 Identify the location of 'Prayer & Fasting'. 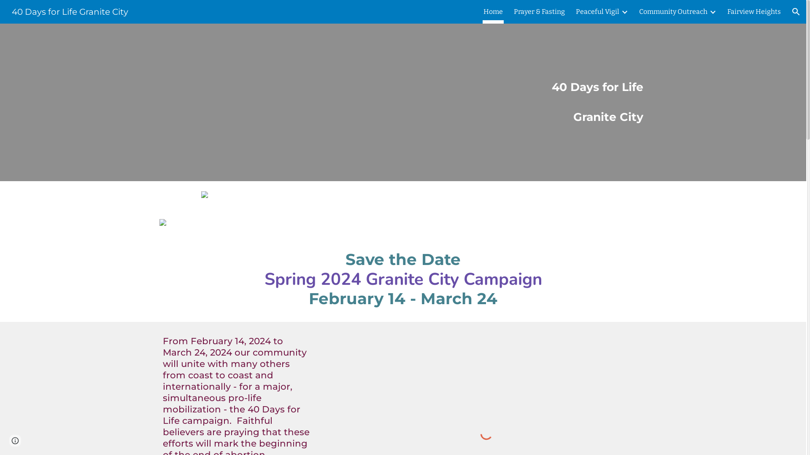
(539, 11).